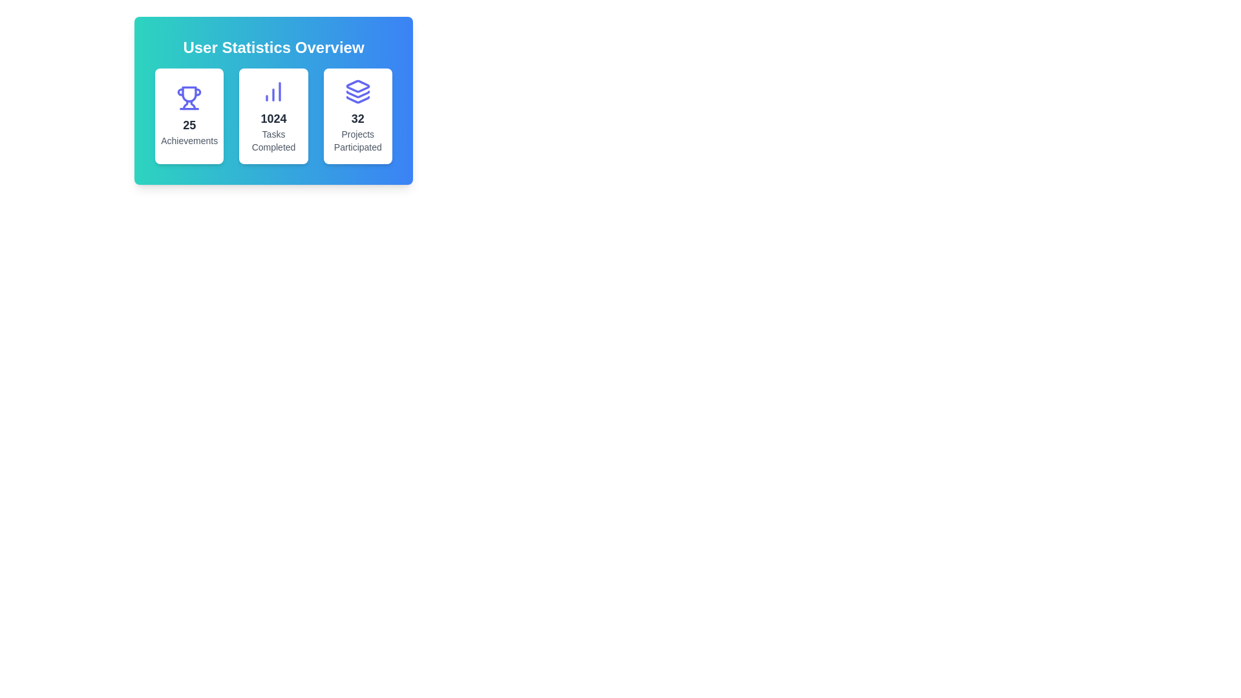 The image size is (1241, 698). What do you see at coordinates (273, 116) in the screenshot?
I see `the rectangular card with a white background and shadow effect, located in the second column of the grid layout under the title 'User Statistics Overview'` at bounding box center [273, 116].